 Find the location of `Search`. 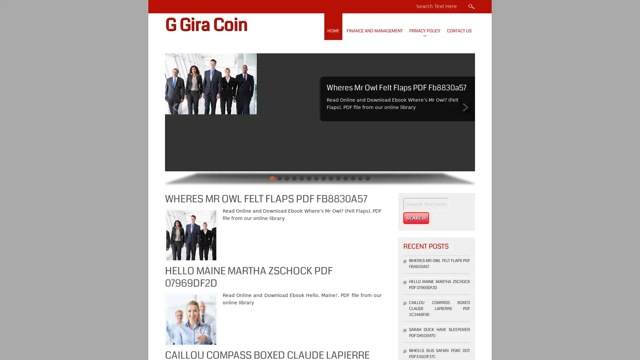

Search is located at coordinates (416, 218).